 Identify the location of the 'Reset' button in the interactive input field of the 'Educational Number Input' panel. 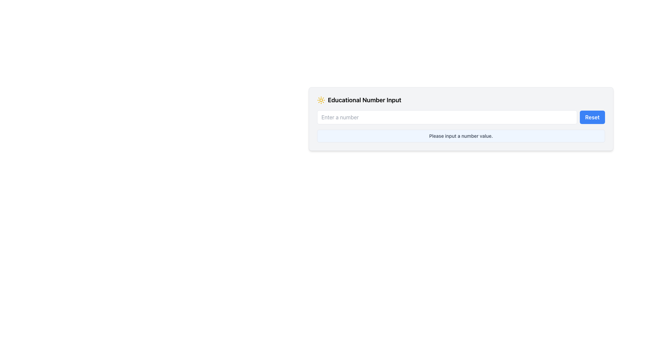
(461, 117).